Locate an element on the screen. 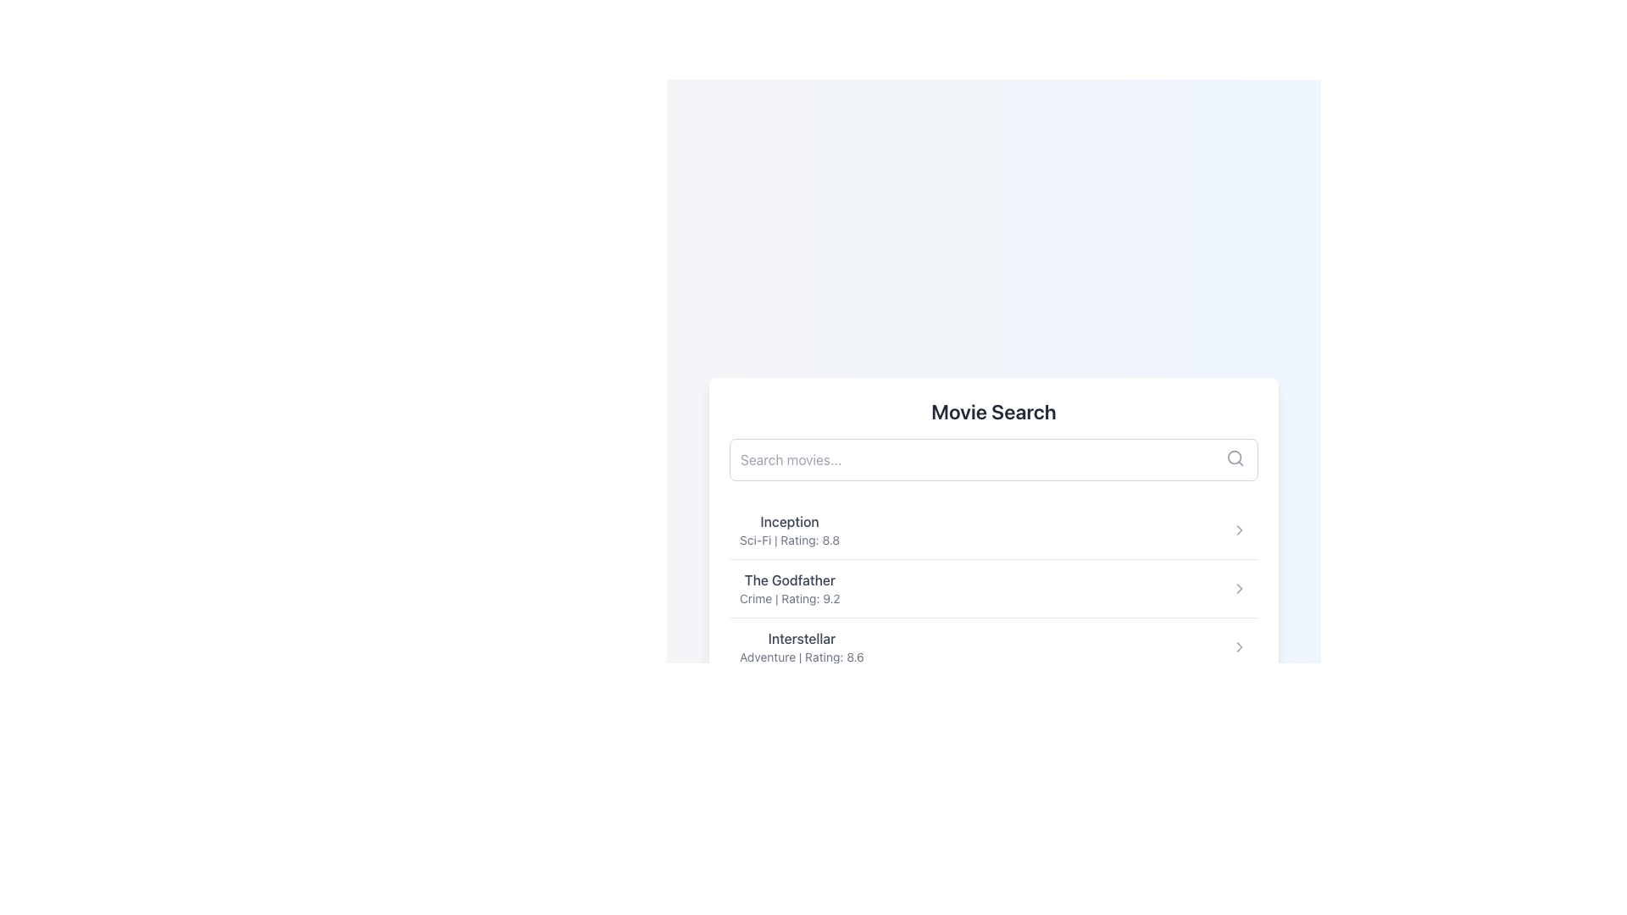 The image size is (1627, 915). the right arrow chevron icon, which is gray and aligned with the text 'The Godfather' is located at coordinates (1240, 587).